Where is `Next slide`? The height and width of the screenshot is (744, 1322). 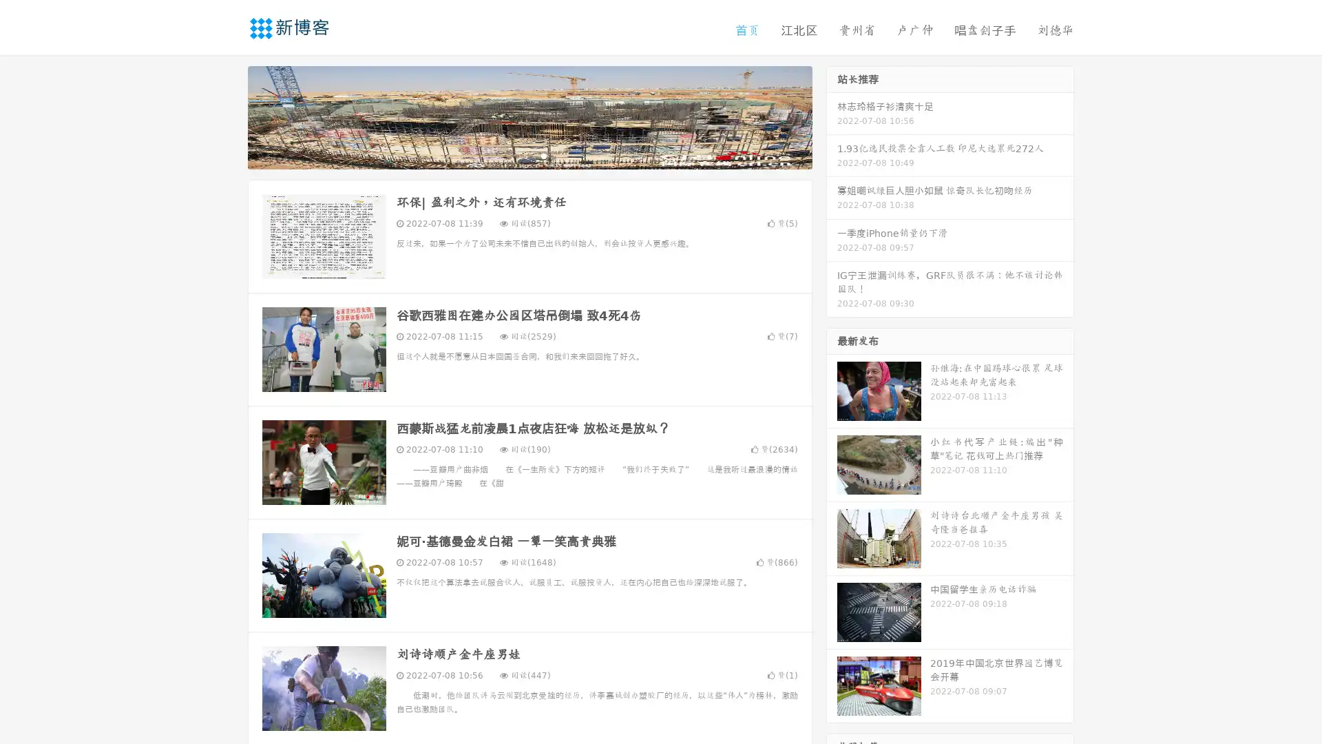
Next slide is located at coordinates (832, 116).